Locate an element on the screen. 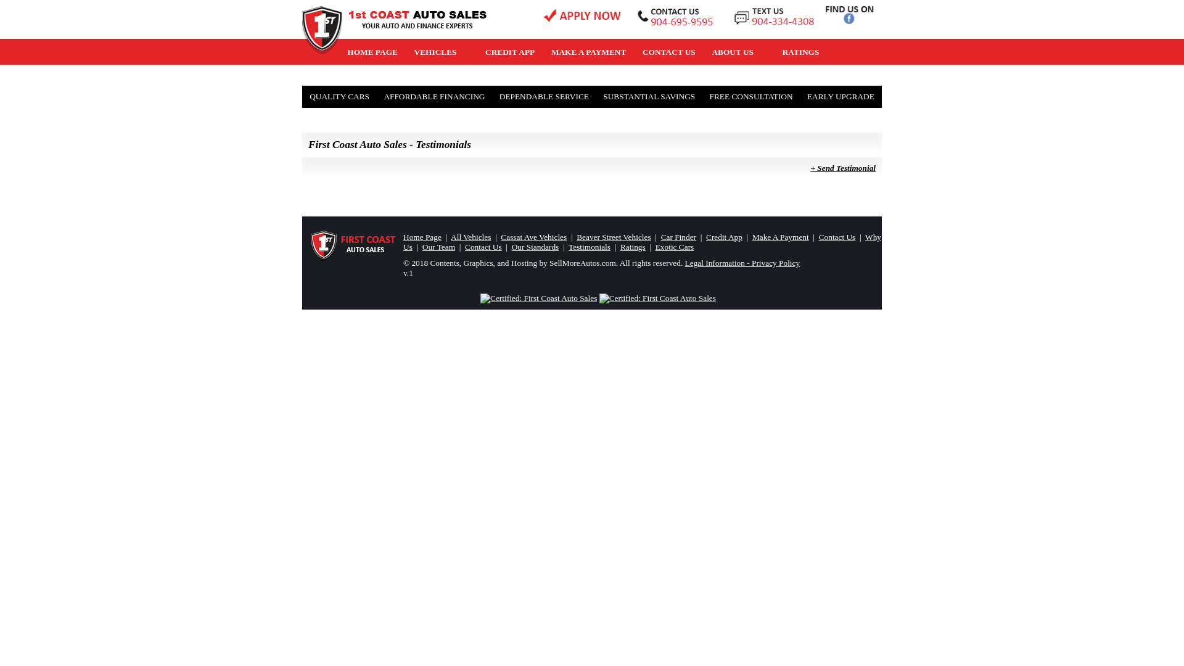 The height and width of the screenshot is (666, 1184). 'Testimonials' is located at coordinates (588, 247).